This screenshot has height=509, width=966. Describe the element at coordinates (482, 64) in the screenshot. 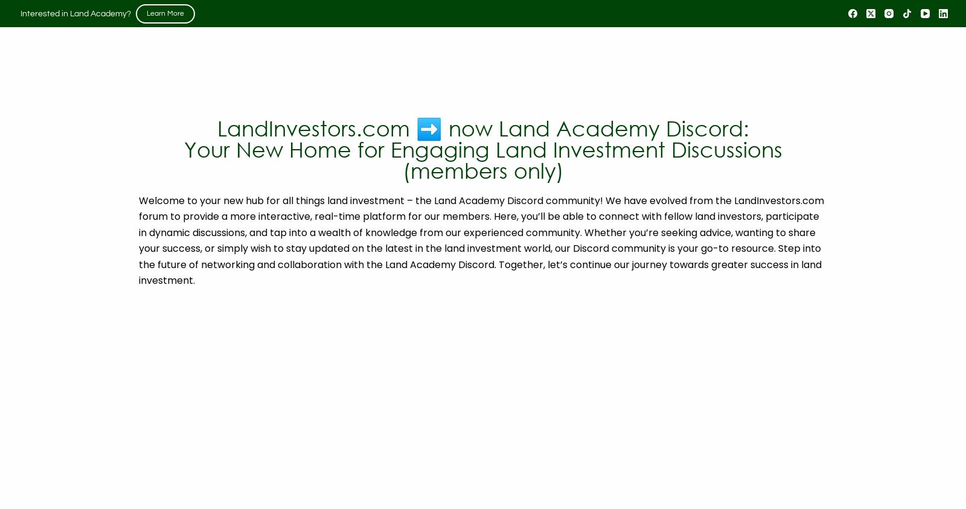

I see `'Steven Jack Butala & Jill DeWit (and guests) draw on their 16,000+ transaction experience and discuss the acquisition and sale of real property for profit. Every Thursday at 2pm Pacific Time.'` at that location.